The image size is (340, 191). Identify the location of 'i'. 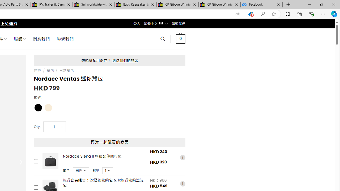
(182, 183).